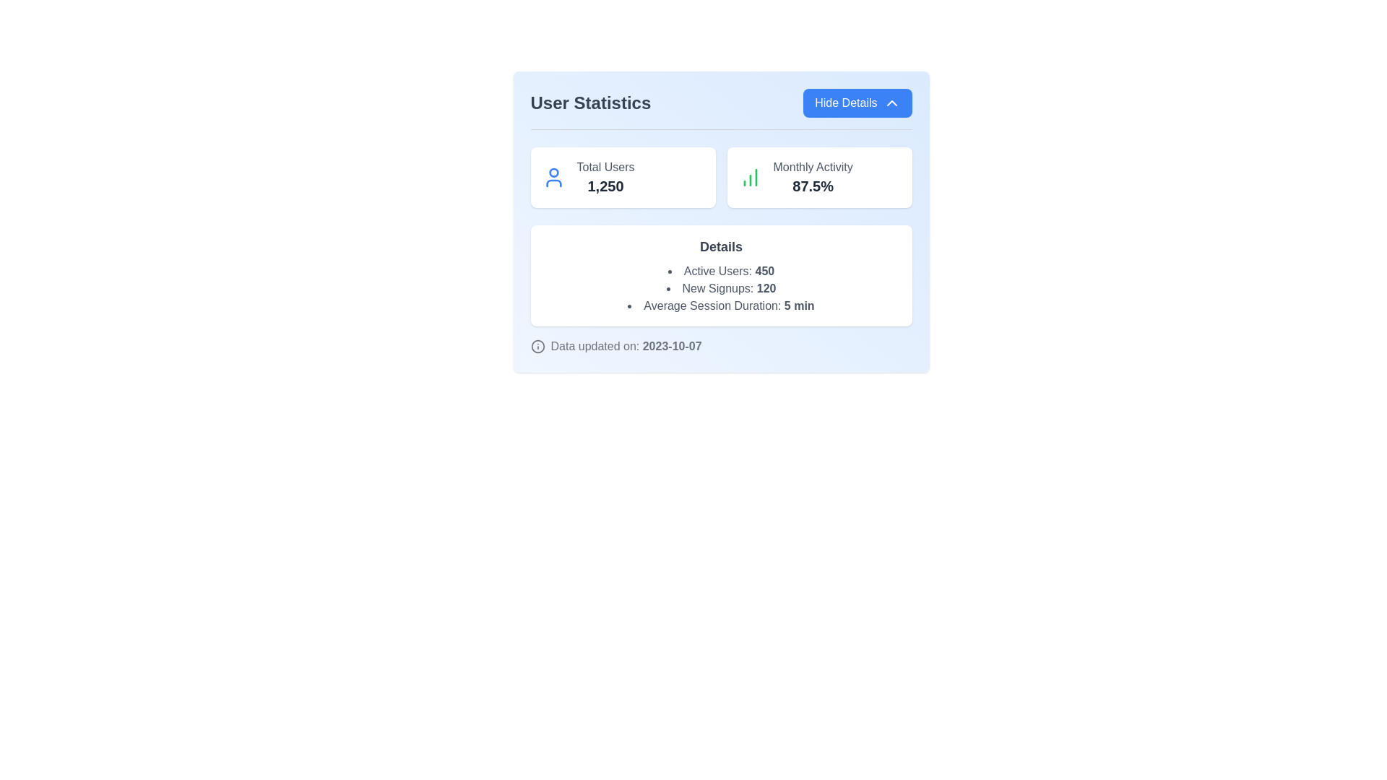 This screenshot has width=1387, height=780. What do you see at coordinates (813, 186) in the screenshot?
I see `the Text Label displaying '87.5%' which is located under the 'Monthly Activity' section in the 'User Statistics' card` at bounding box center [813, 186].